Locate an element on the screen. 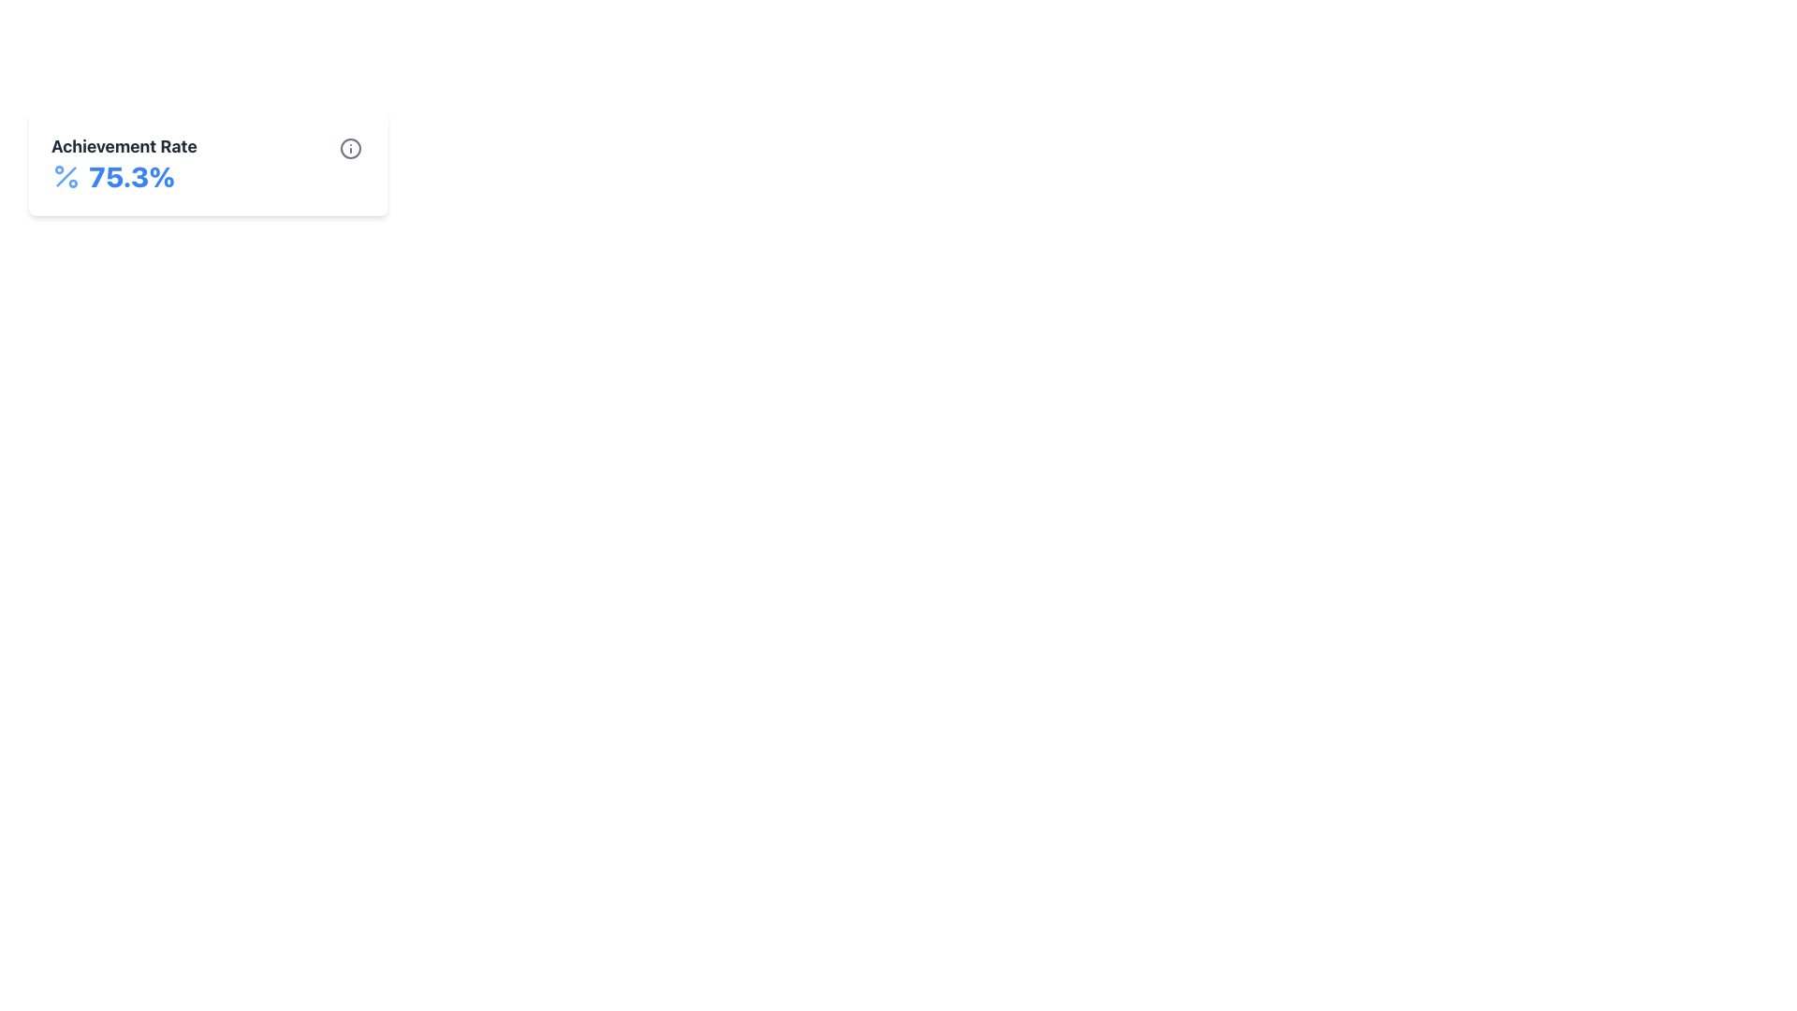 The height and width of the screenshot is (1011, 1797). the circular graphical element that is part of an SVG graphic, positioned near the 'Achievement Rate' text and aligned to the right of it is located at coordinates (350, 147).